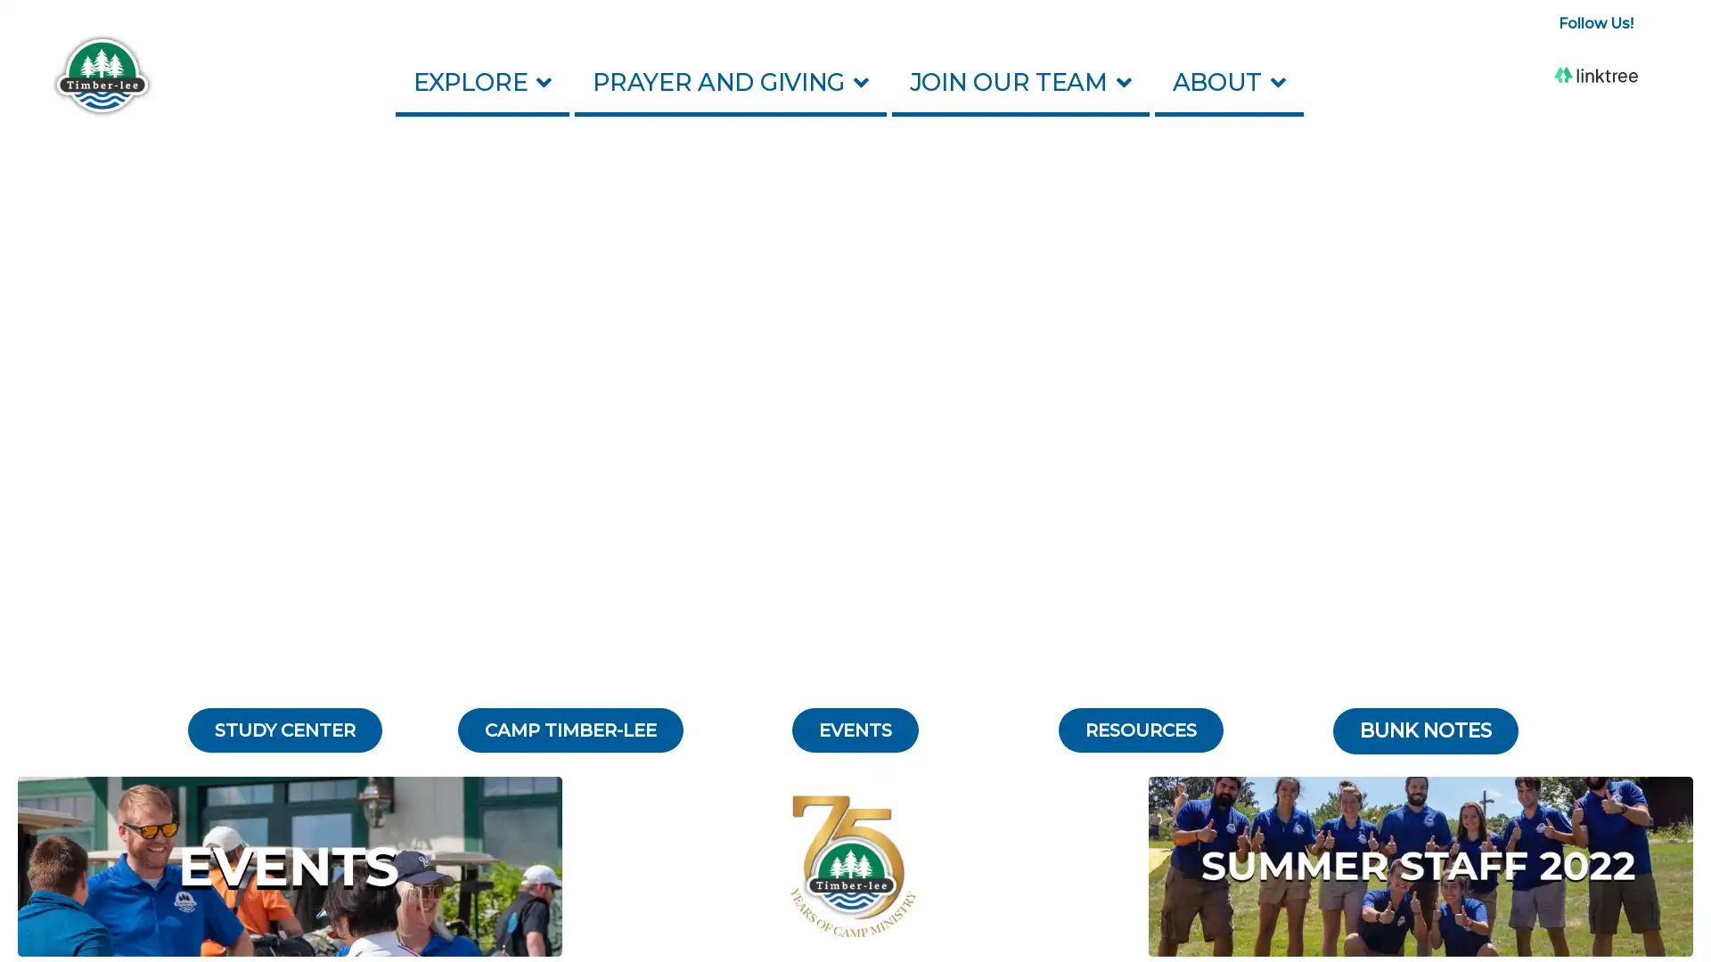  What do you see at coordinates (285, 730) in the screenshot?
I see `STUDY CENTER` at bounding box center [285, 730].